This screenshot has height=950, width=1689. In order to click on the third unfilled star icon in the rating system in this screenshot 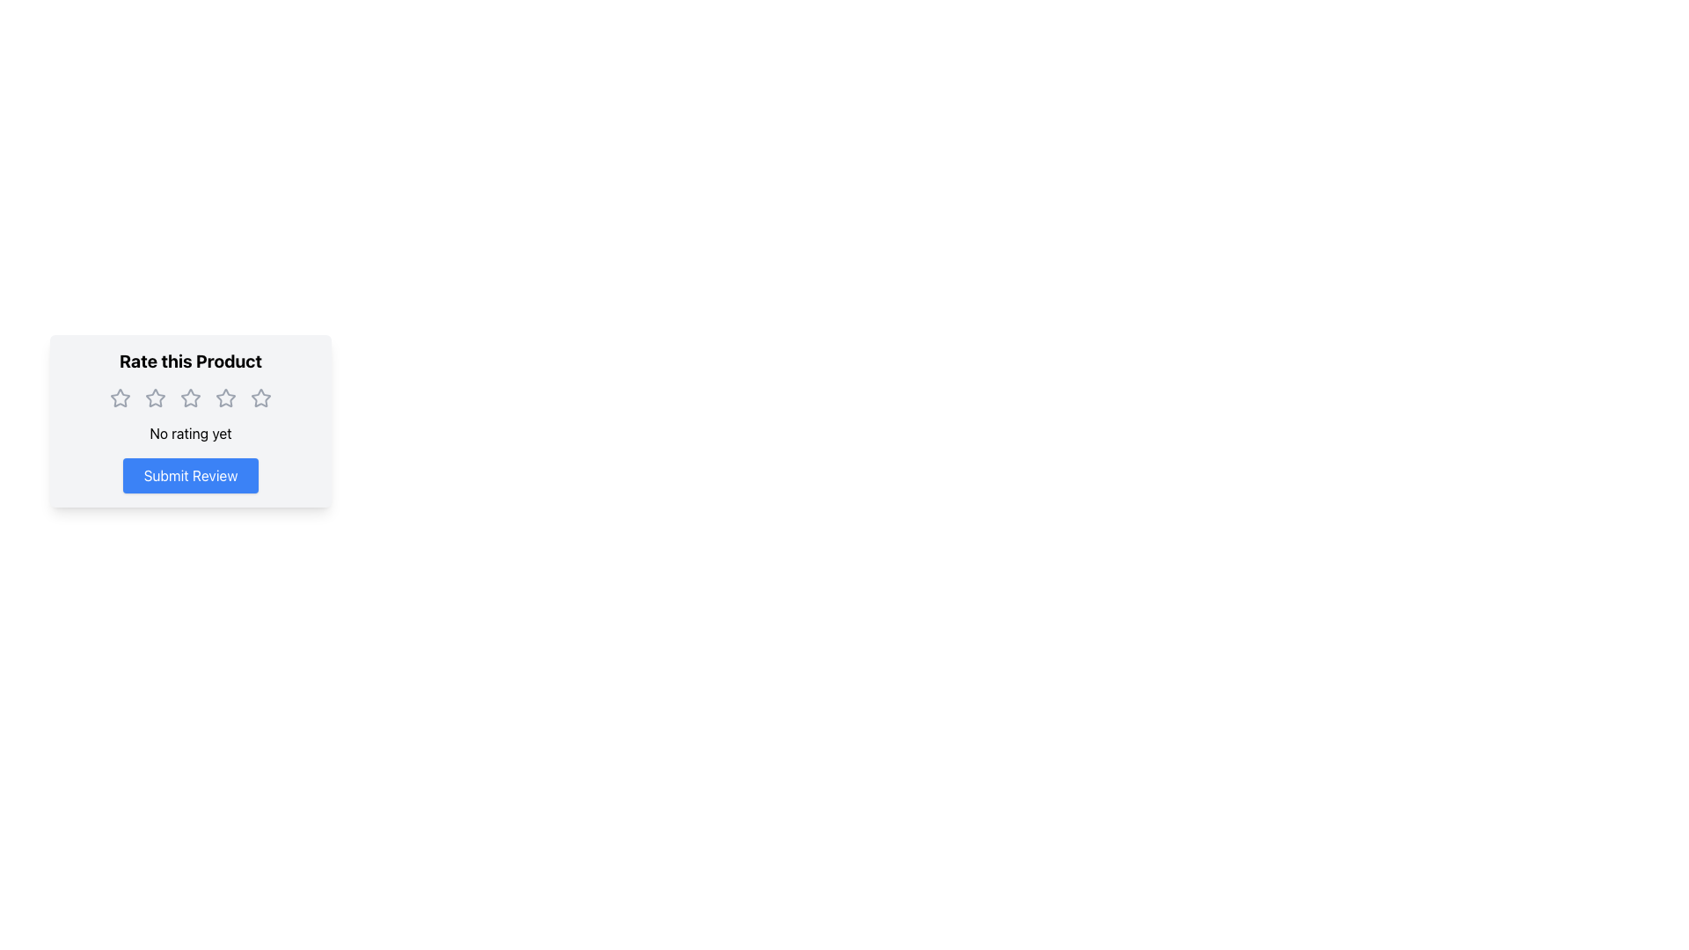, I will do `click(190, 398)`.